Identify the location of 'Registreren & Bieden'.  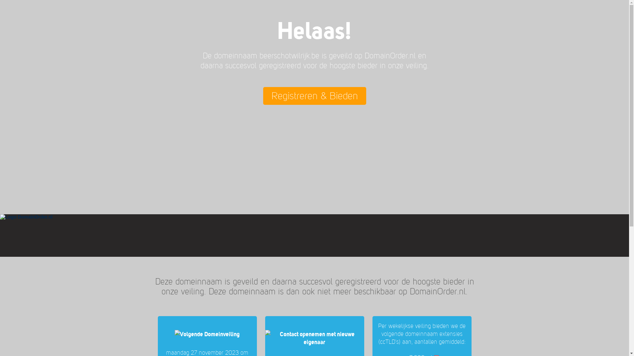
(314, 96).